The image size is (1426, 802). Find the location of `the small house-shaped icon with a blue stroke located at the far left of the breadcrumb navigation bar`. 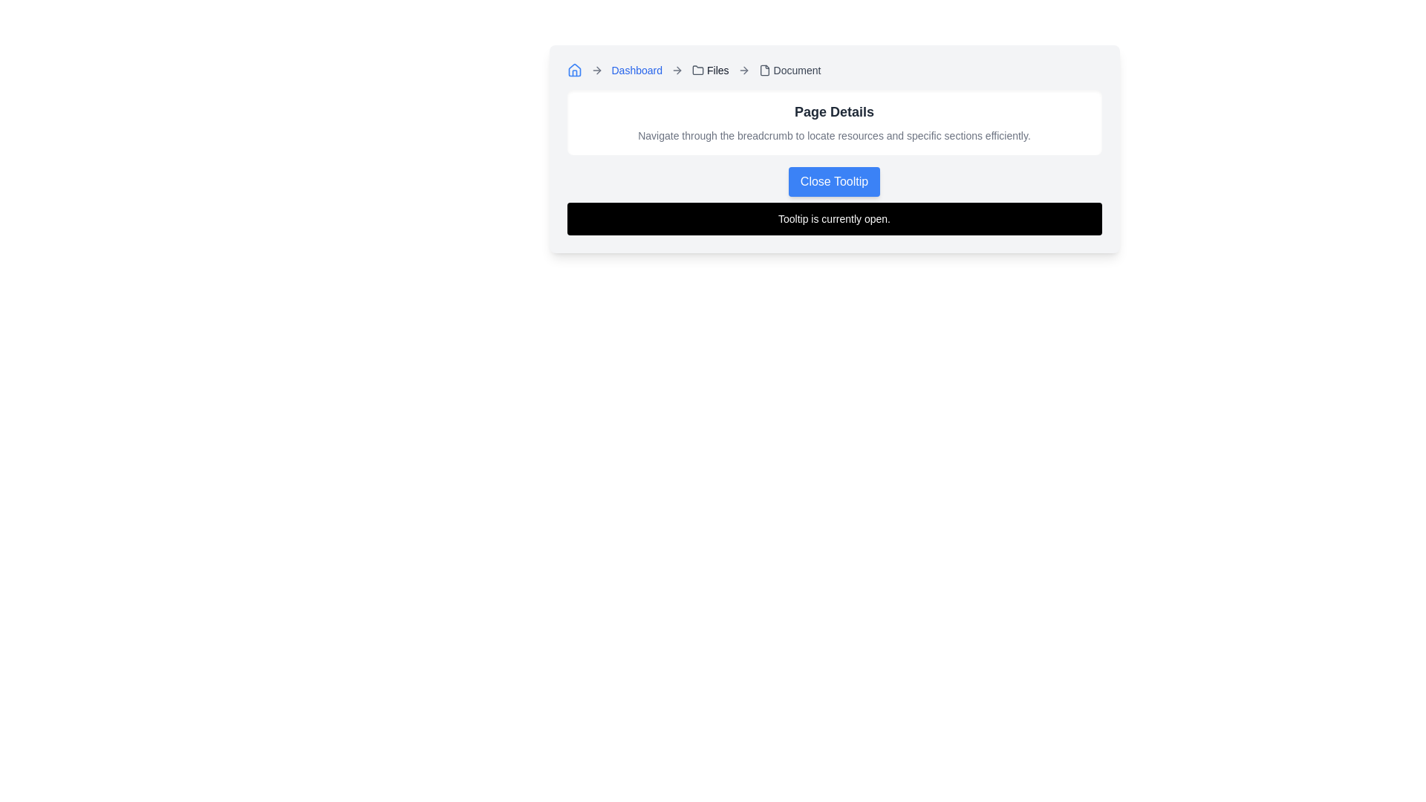

the small house-shaped icon with a blue stroke located at the far left of the breadcrumb navigation bar is located at coordinates (573, 71).